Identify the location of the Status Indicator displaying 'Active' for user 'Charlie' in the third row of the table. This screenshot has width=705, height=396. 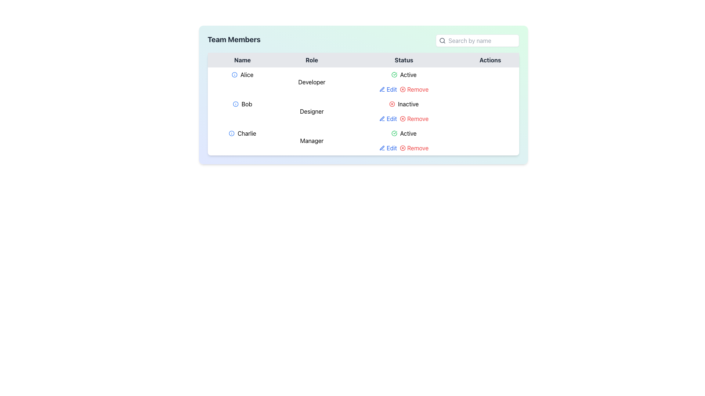
(404, 133).